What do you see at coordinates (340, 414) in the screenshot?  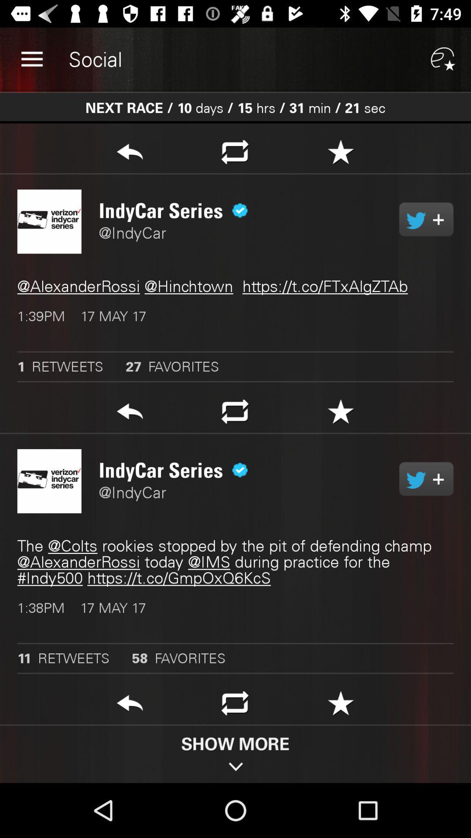 I see `the first  star symbol which is above indycar series` at bounding box center [340, 414].